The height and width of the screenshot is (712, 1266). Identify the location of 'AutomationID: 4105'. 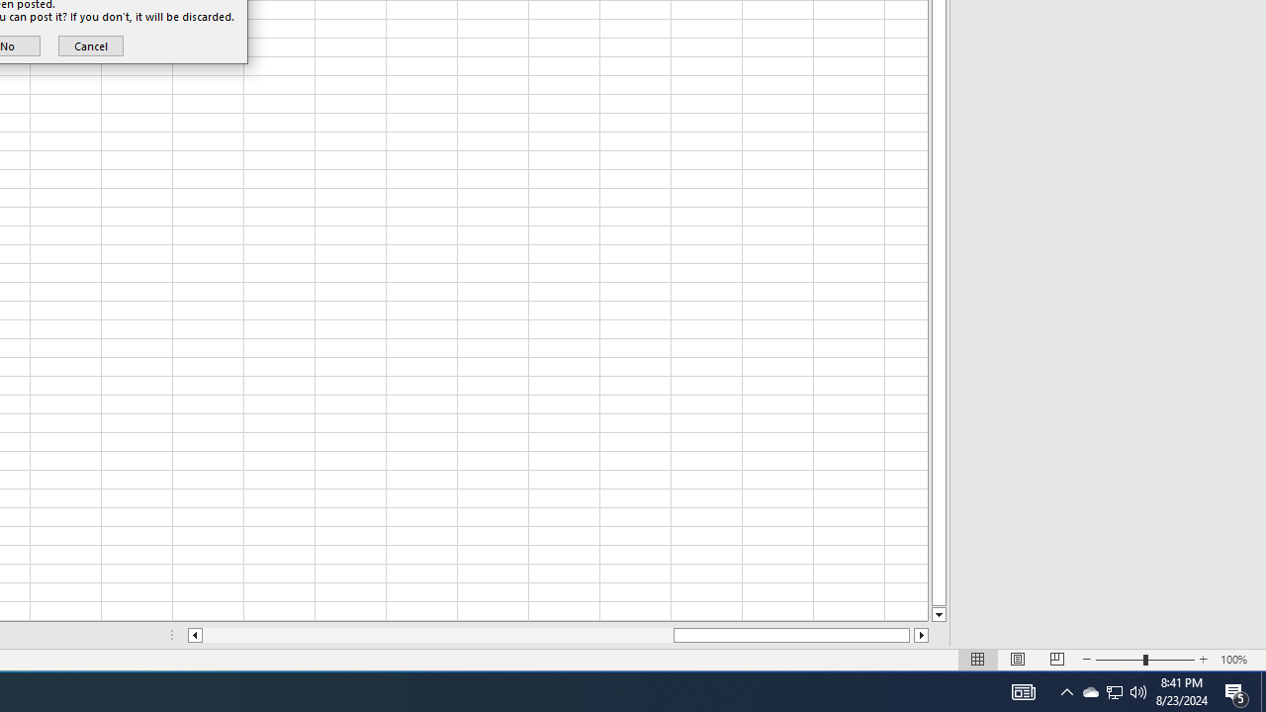
(1023, 690).